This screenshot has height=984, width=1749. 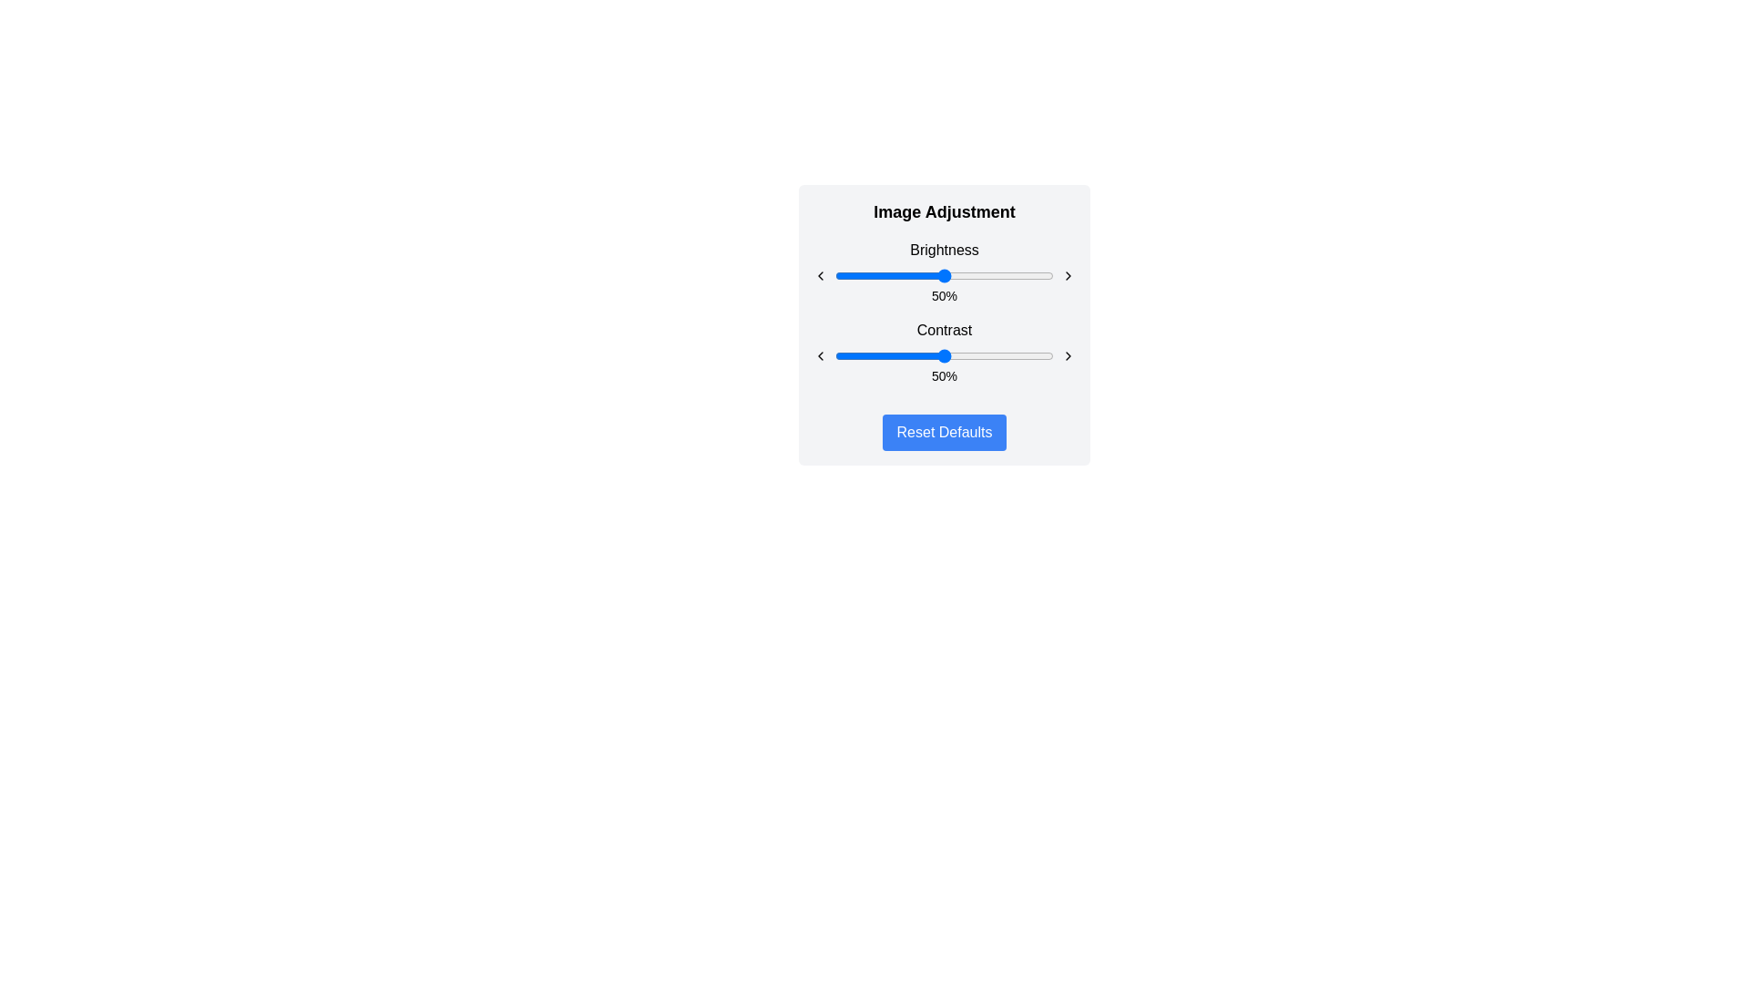 What do you see at coordinates (944, 432) in the screenshot?
I see `the reset button located at the bottom of the 'Image Adjustment' section to reset all image adjustment settings back to their default values` at bounding box center [944, 432].